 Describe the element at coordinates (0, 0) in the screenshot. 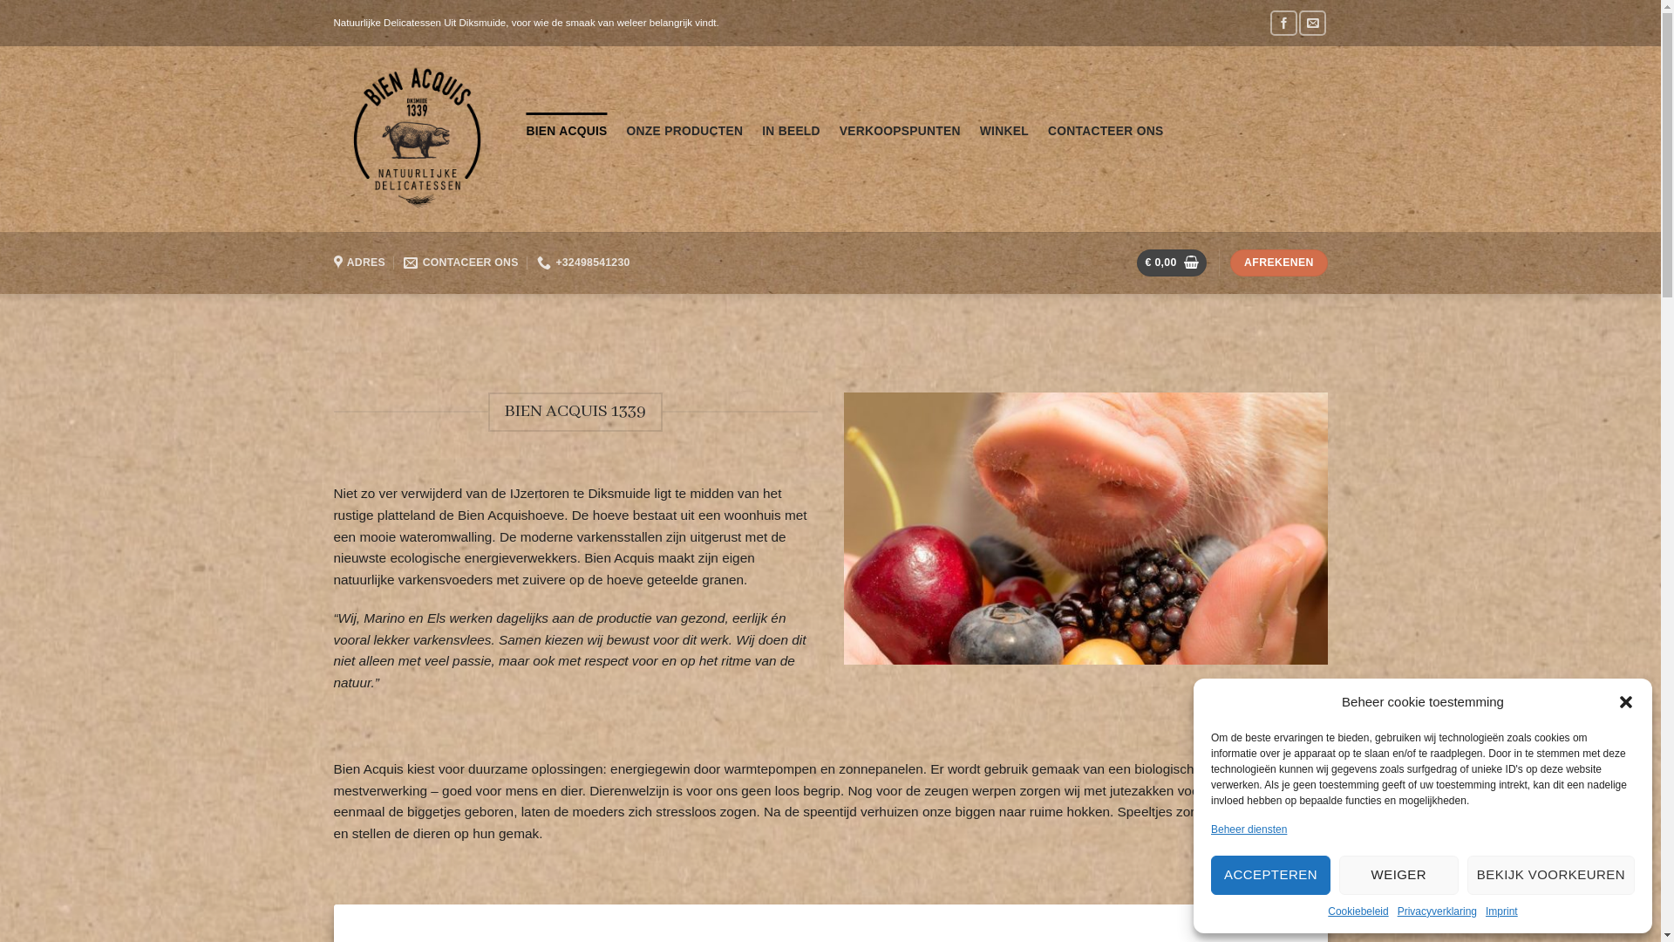

I see `'Skip to content'` at that location.